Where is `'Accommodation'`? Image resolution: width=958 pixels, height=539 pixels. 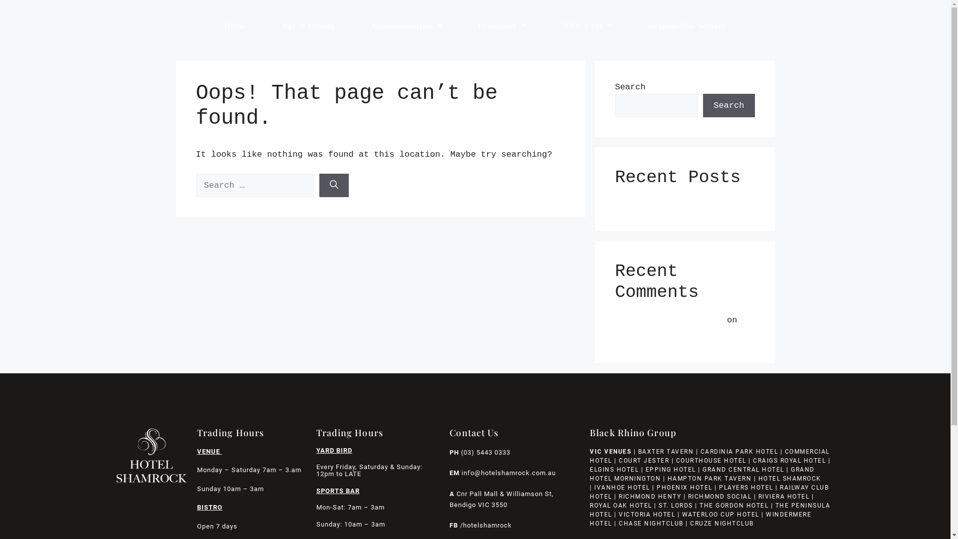 'Accommodation' is located at coordinates (352, 24).